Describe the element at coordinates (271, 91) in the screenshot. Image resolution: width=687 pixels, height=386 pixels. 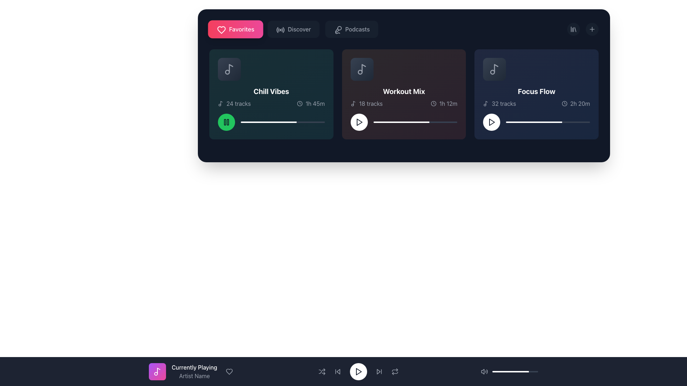
I see `the bold white text label 'Chill Vibes' located at the top-center of the first card in a horizontal row, which has a dark gradient background` at that location.